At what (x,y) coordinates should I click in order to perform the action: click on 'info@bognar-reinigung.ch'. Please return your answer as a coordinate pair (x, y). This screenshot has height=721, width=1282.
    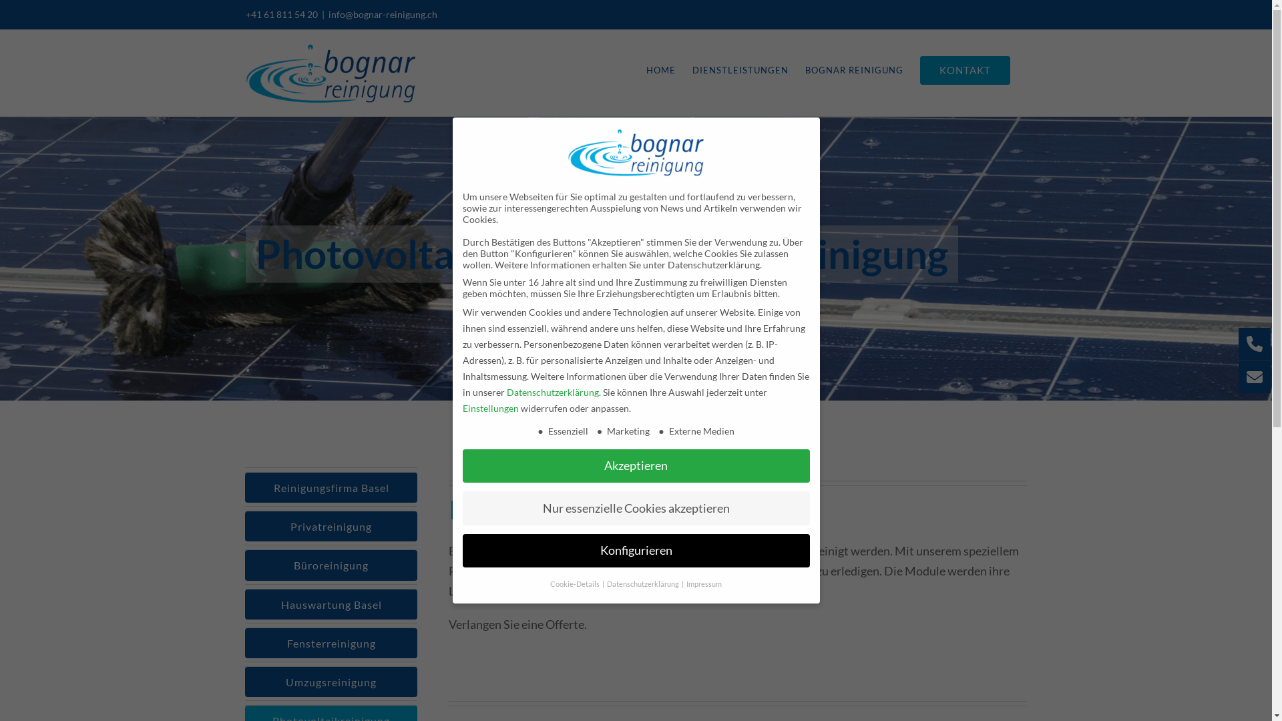
    Looking at the image, I should click on (328, 14).